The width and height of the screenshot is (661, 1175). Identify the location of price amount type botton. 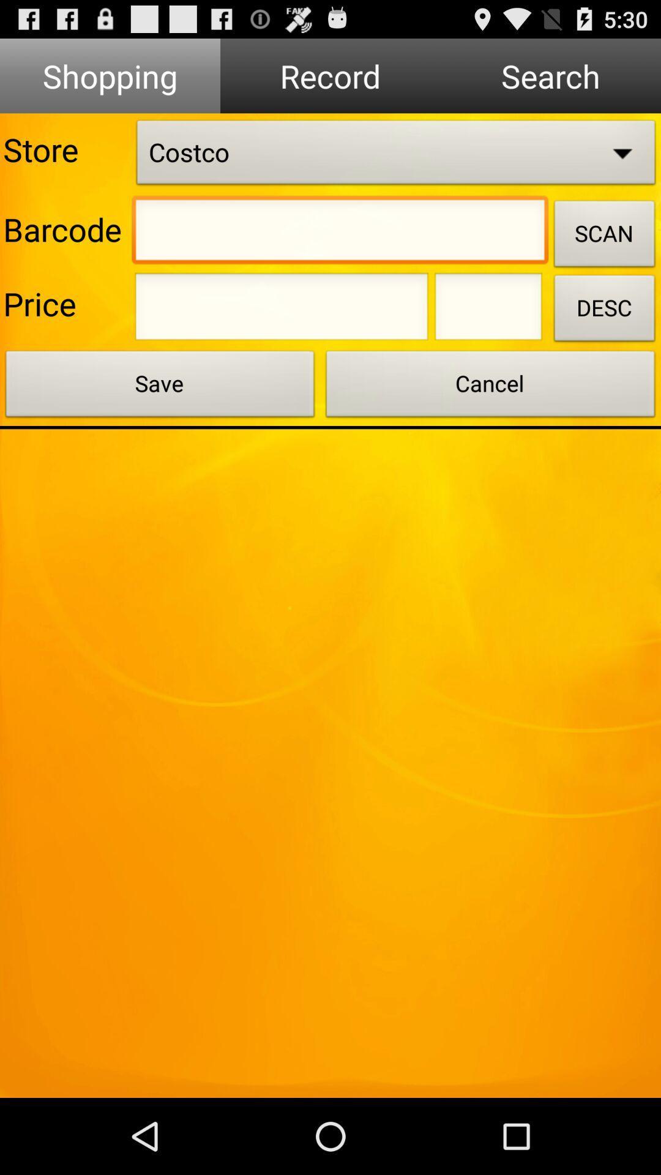
(282, 310).